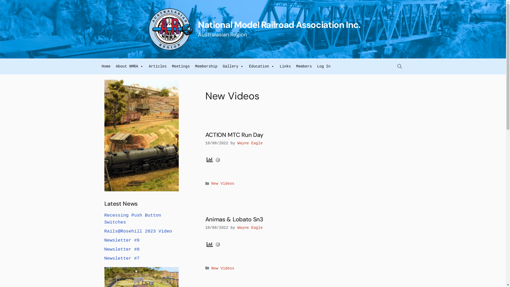 This screenshot has width=510, height=287. Describe the element at coordinates (279, 25) in the screenshot. I see `'National Model Railroad Association Inc.'` at that location.